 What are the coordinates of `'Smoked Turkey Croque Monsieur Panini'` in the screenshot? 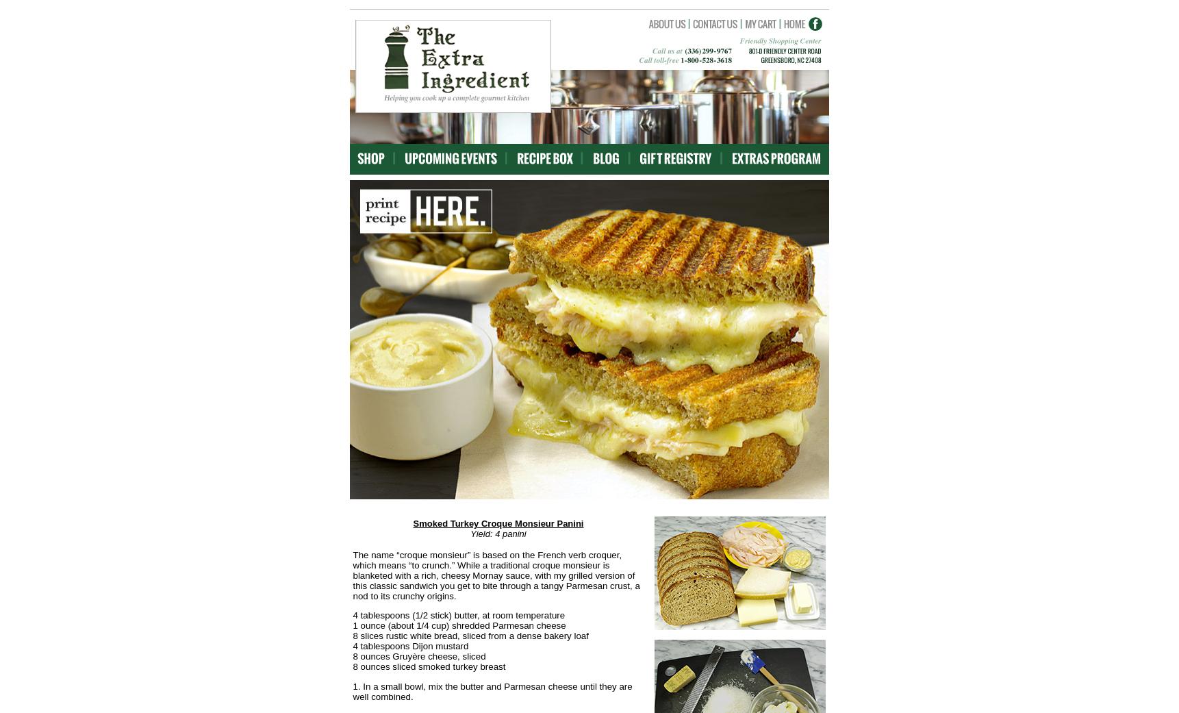 It's located at (497, 523).